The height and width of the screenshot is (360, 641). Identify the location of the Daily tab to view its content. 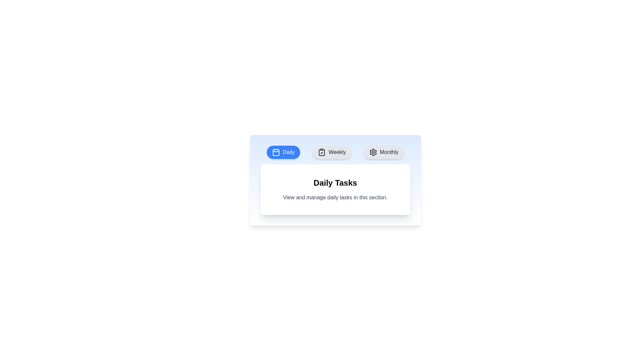
(283, 152).